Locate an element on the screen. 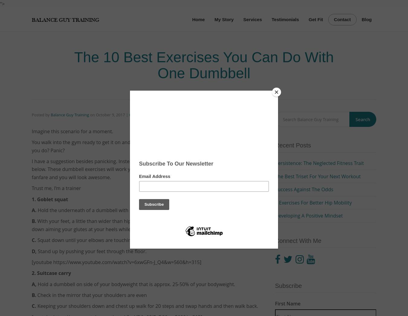 The image size is (408, 316). 'Keeping your shoulders down and chest up walk for 20 steps and swap hands and then walk back.' is located at coordinates (147, 306).